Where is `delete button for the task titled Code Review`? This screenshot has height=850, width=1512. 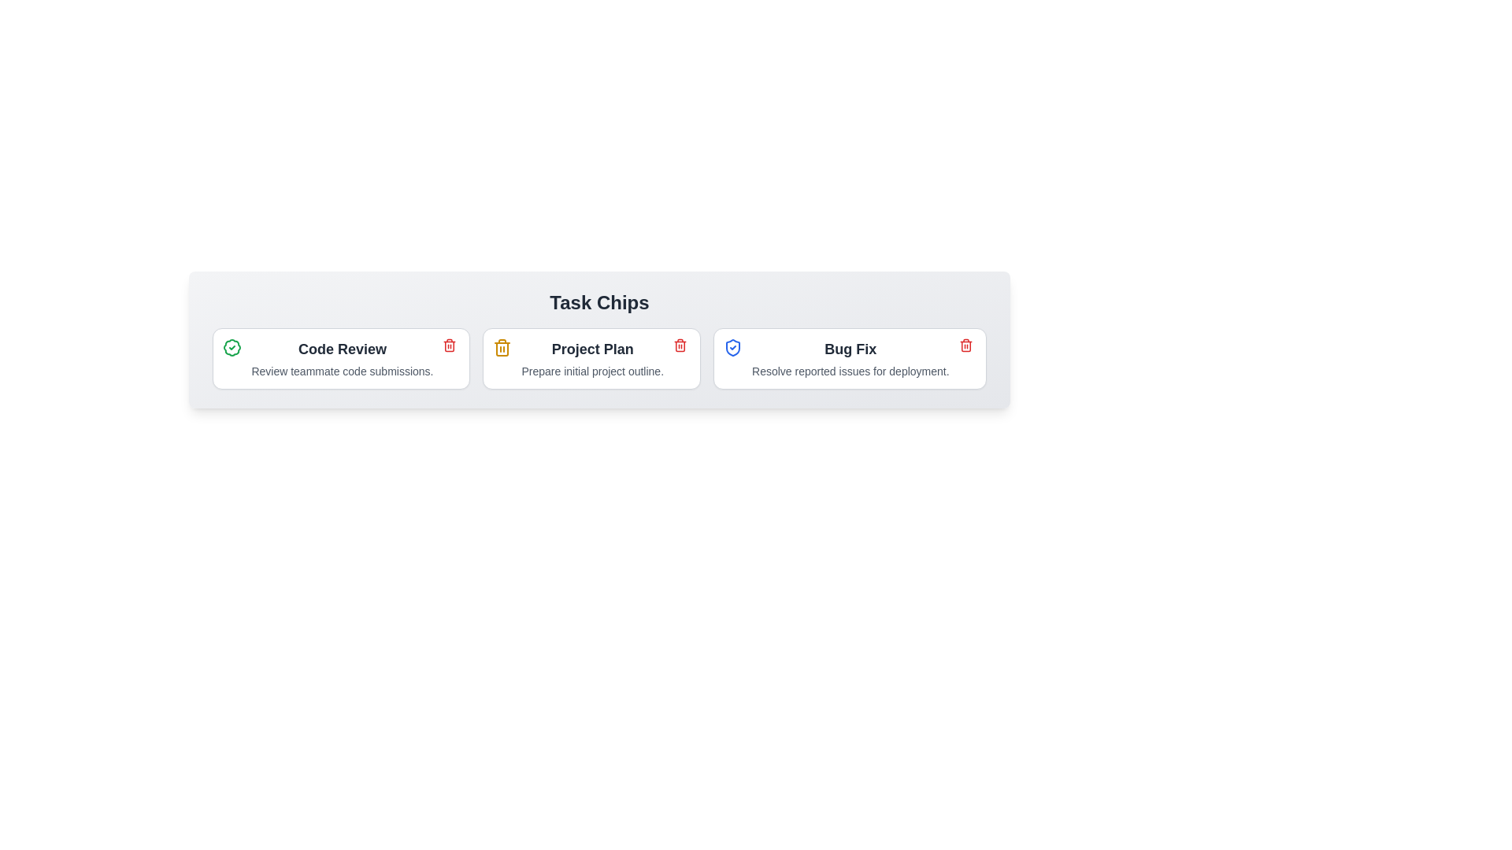
delete button for the task titled Code Review is located at coordinates (449, 345).